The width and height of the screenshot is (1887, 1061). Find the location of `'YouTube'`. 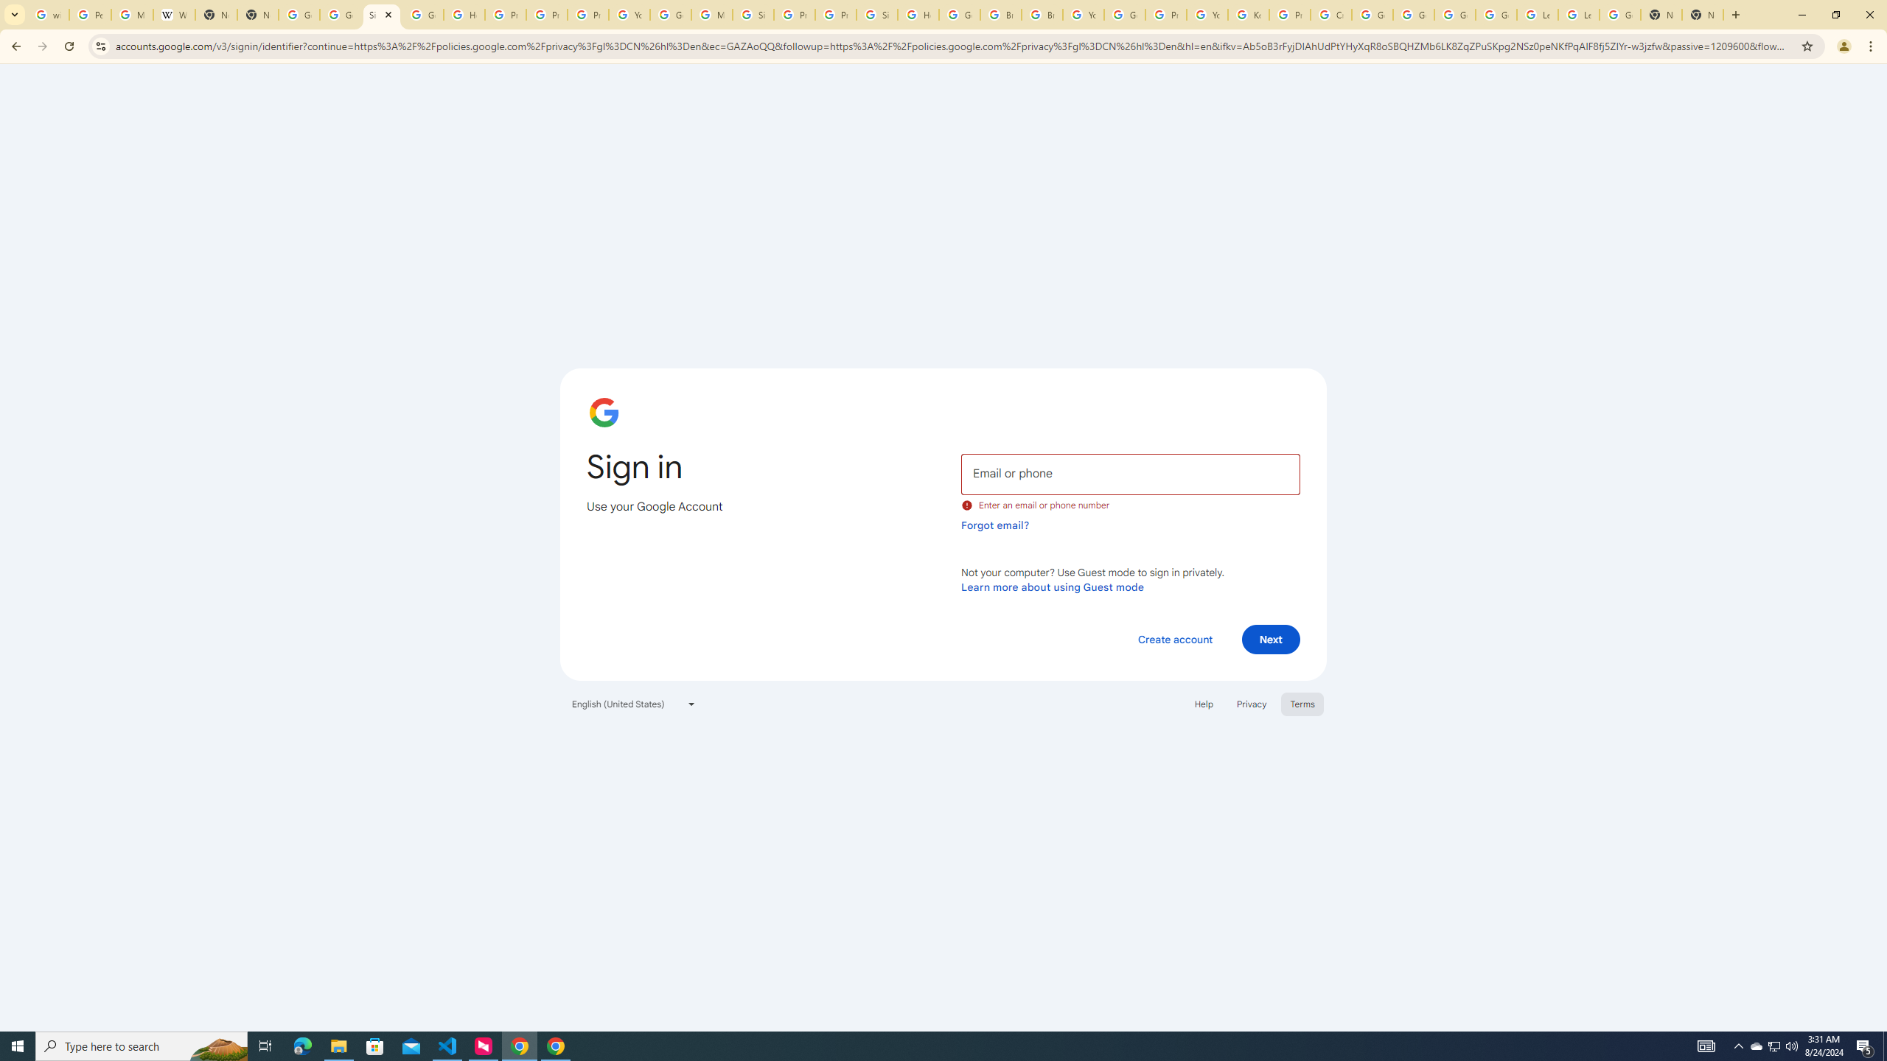

'YouTube' is located at coordinates (1206, 14).